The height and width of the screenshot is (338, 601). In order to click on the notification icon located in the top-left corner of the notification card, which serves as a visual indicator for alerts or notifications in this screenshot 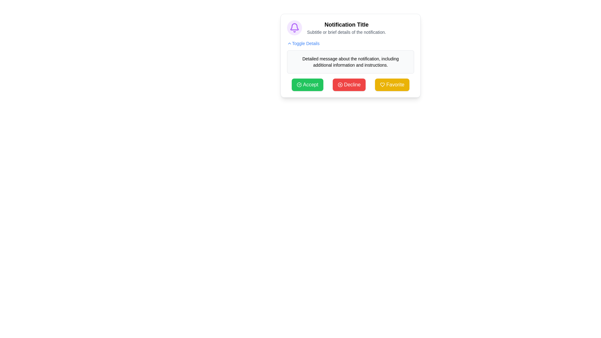, I will do `click(294, 27)`.